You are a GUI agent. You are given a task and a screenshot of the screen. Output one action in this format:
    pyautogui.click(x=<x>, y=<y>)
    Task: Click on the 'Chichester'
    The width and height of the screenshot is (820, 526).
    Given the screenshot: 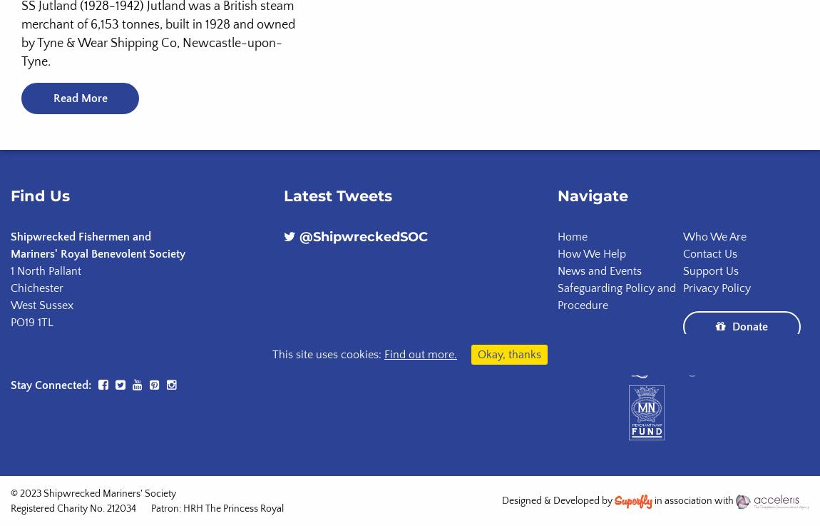 What is the action you would take?
    pyautogui.click(x=36, y=287)
    